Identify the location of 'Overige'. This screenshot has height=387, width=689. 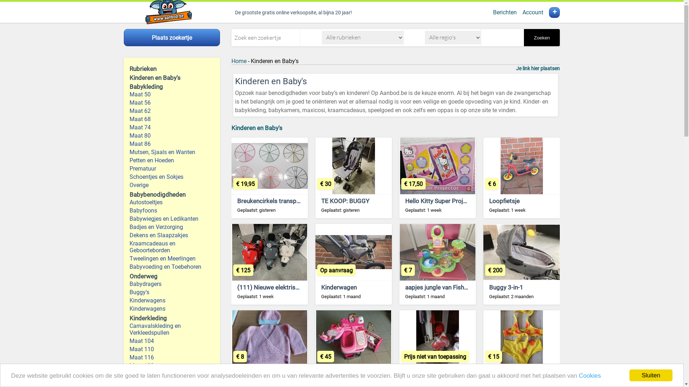
(129, 185).